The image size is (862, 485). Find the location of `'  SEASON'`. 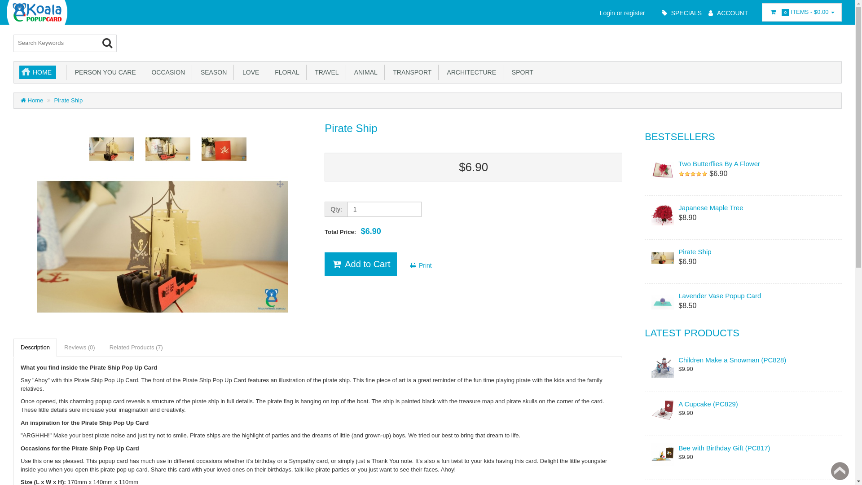

'  SEASON' is located at coordinates (212, 72).